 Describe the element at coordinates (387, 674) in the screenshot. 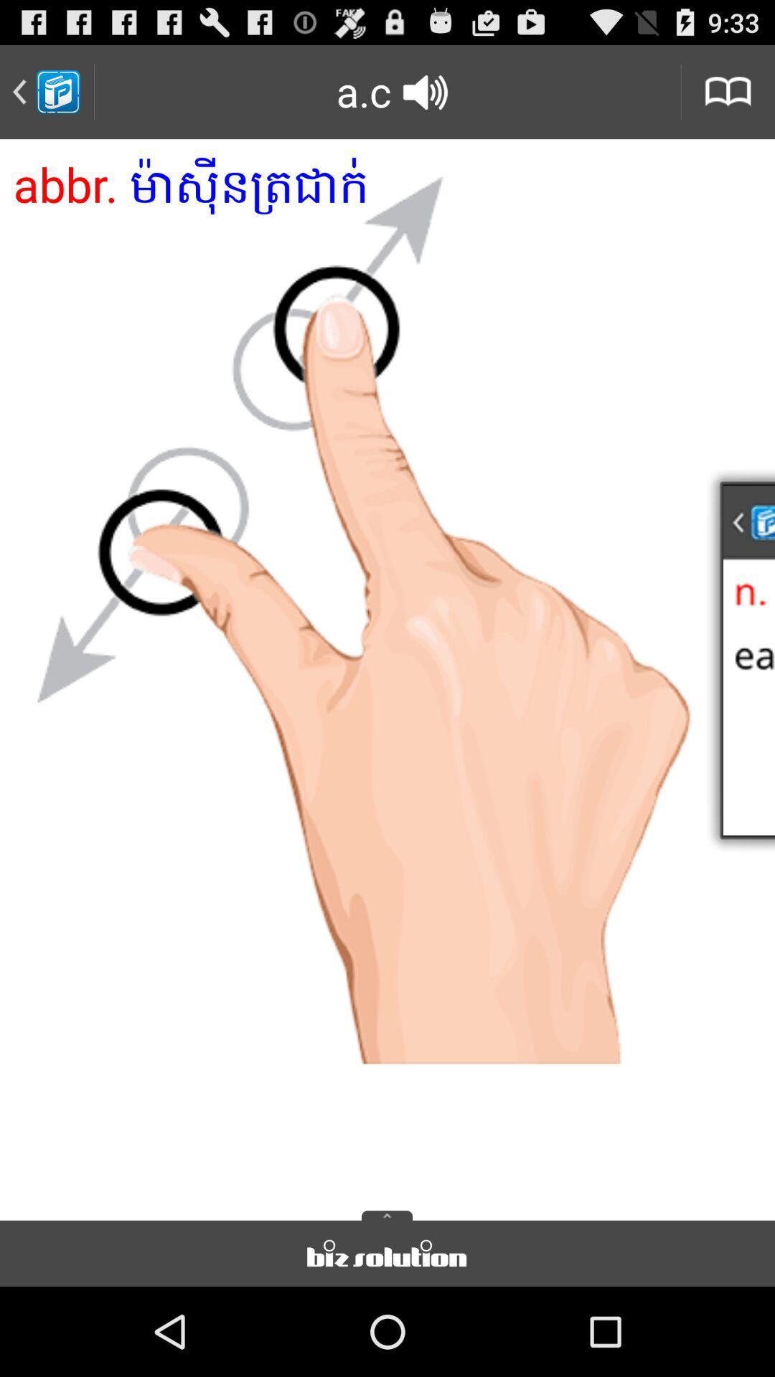

I see `the icon below  a.c  icon` at that location.